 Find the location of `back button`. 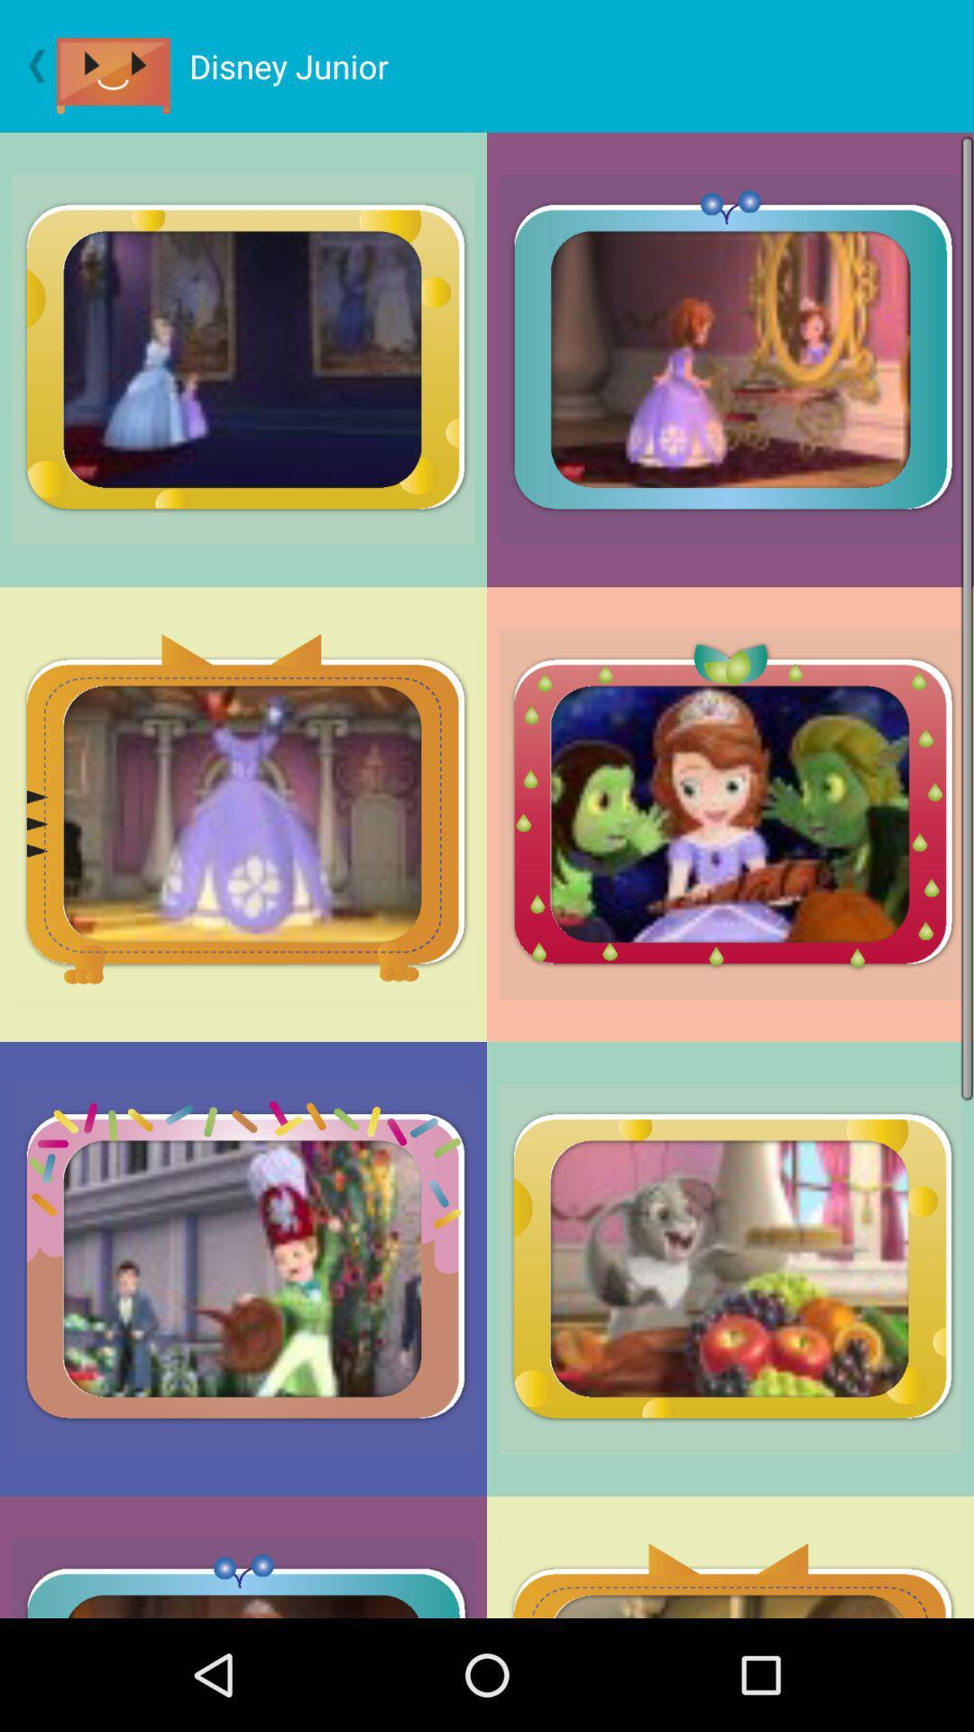

back button is located at coordinates (28, 66).